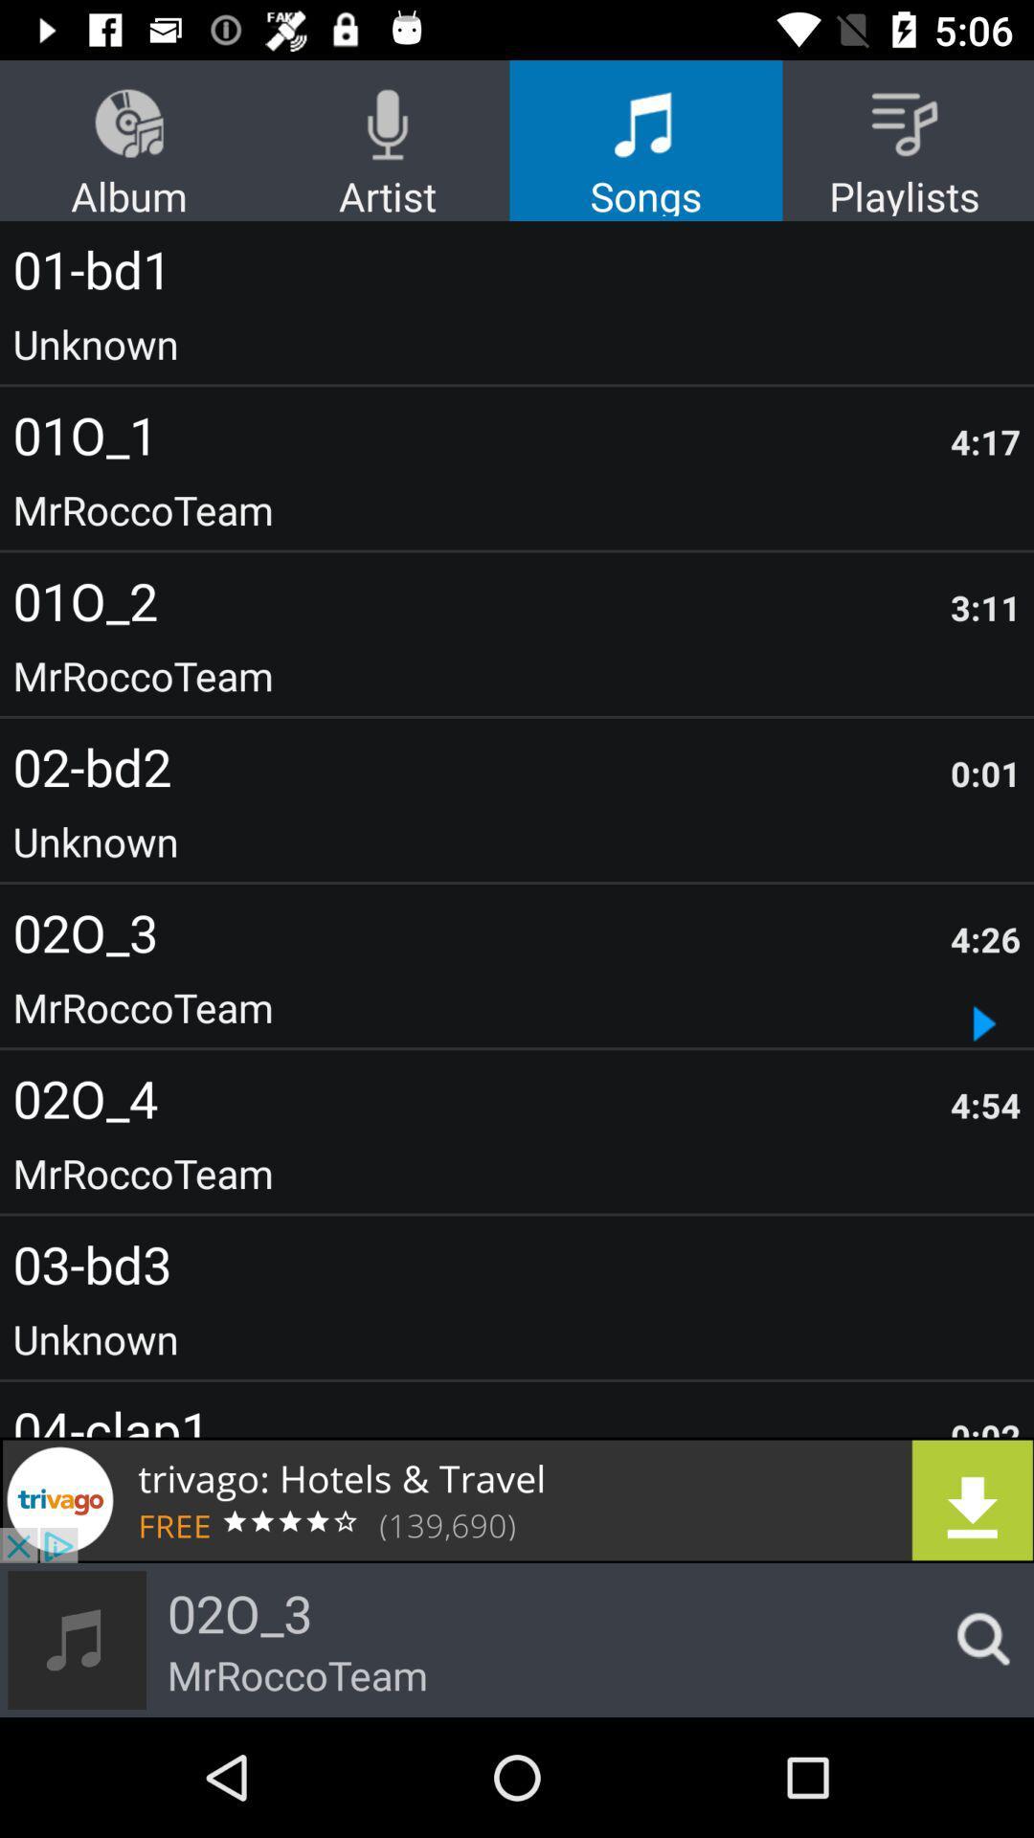 Image resolution: width=1034 pixels, height=1838 pixels. Describe the element at coordinates (517, 1499) in the screenshot. I see `download the link` at that location.